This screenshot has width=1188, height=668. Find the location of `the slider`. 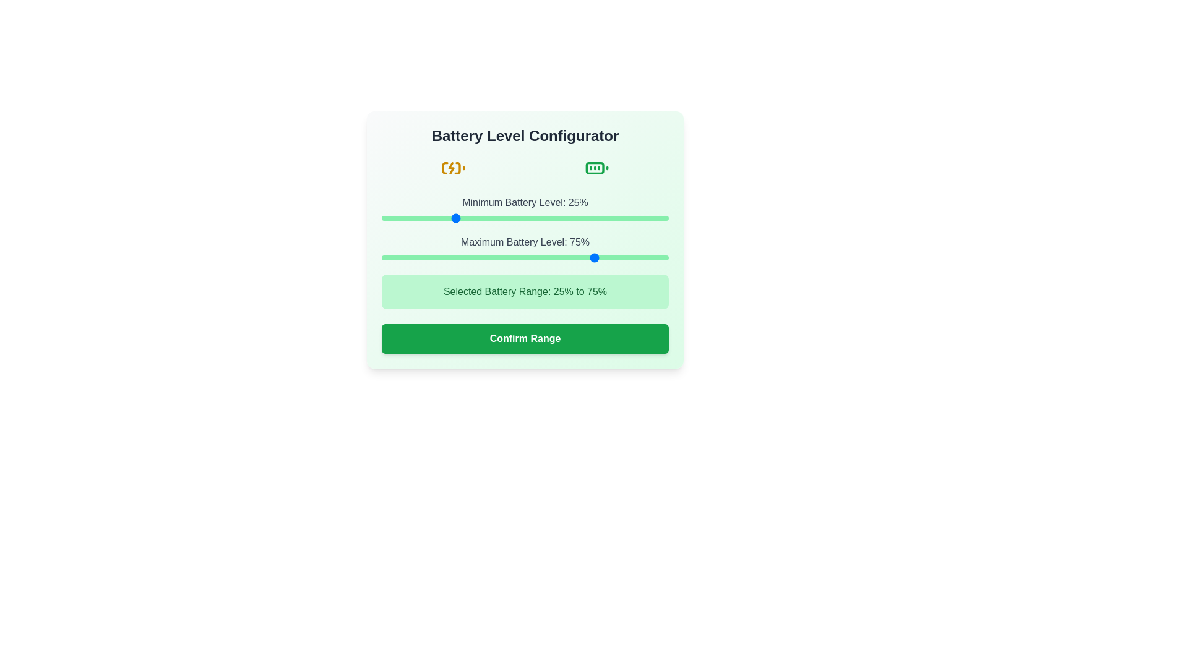

the slider is located at coordinates (629, 257).